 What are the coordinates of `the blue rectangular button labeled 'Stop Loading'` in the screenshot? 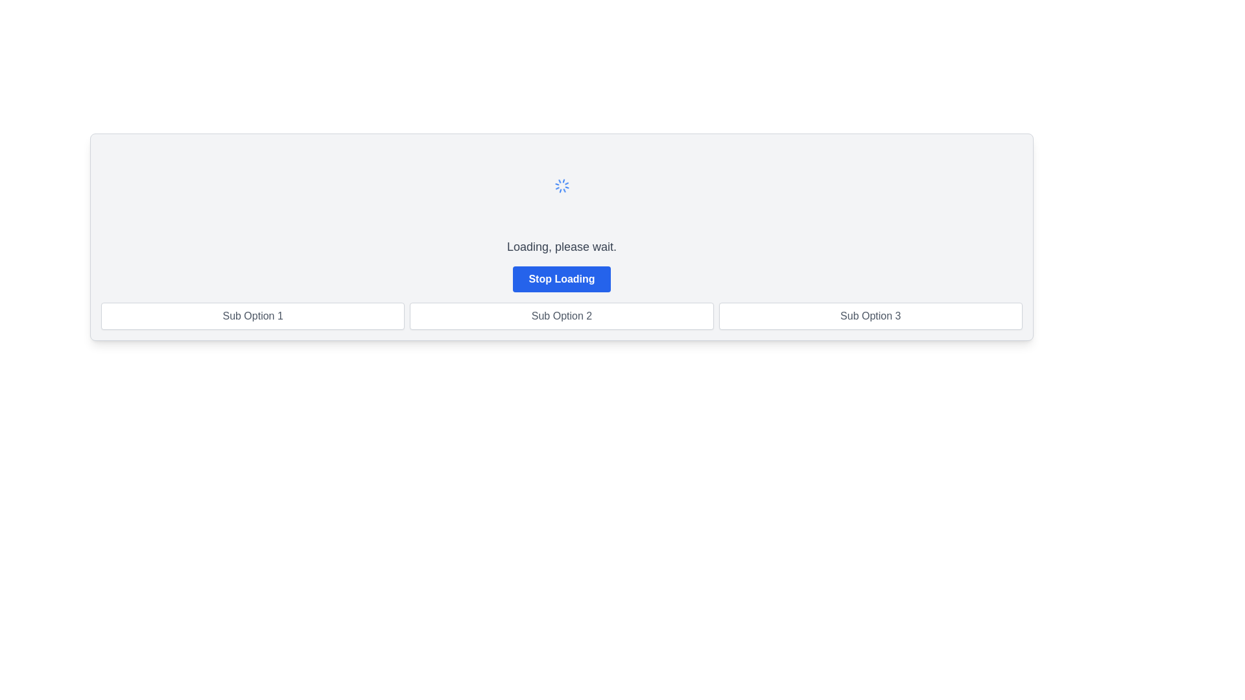 It's located at (562, 279).